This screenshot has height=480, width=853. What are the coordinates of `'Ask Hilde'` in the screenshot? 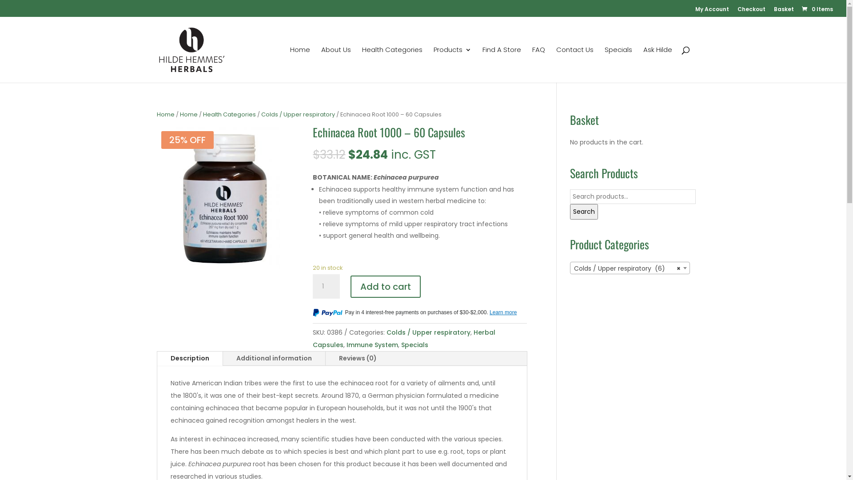 It's located at (643, 64).